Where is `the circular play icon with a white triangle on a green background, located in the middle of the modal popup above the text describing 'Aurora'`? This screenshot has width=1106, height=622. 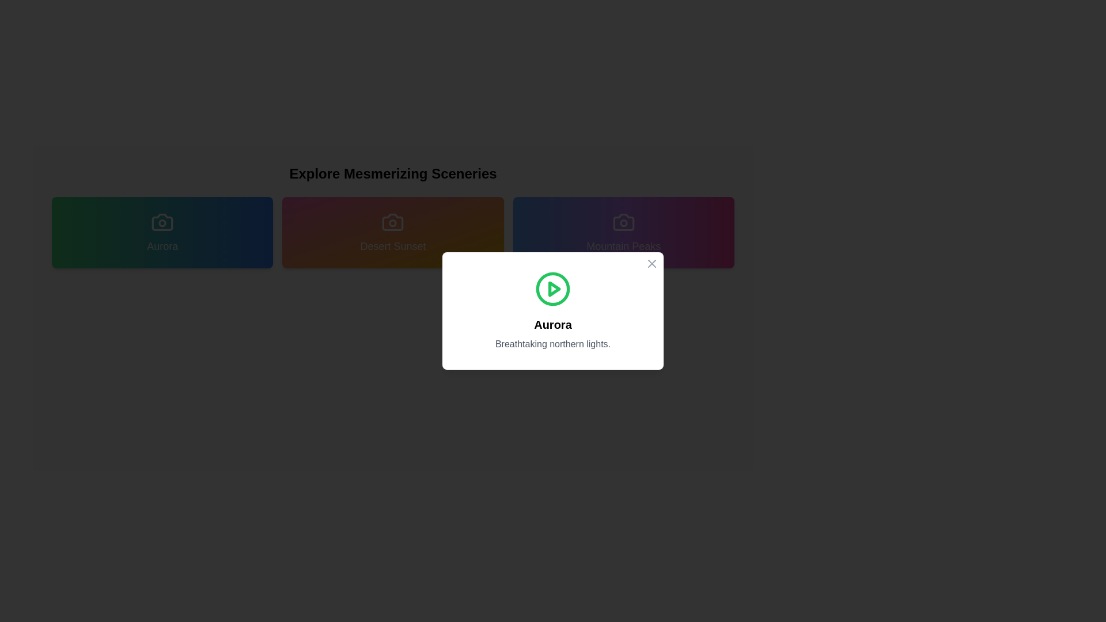 the circular play icon with a white triangle on a green background, located in the middle of the modal popup above the text describing 'Aurora' is located at coordinates (553, 288).